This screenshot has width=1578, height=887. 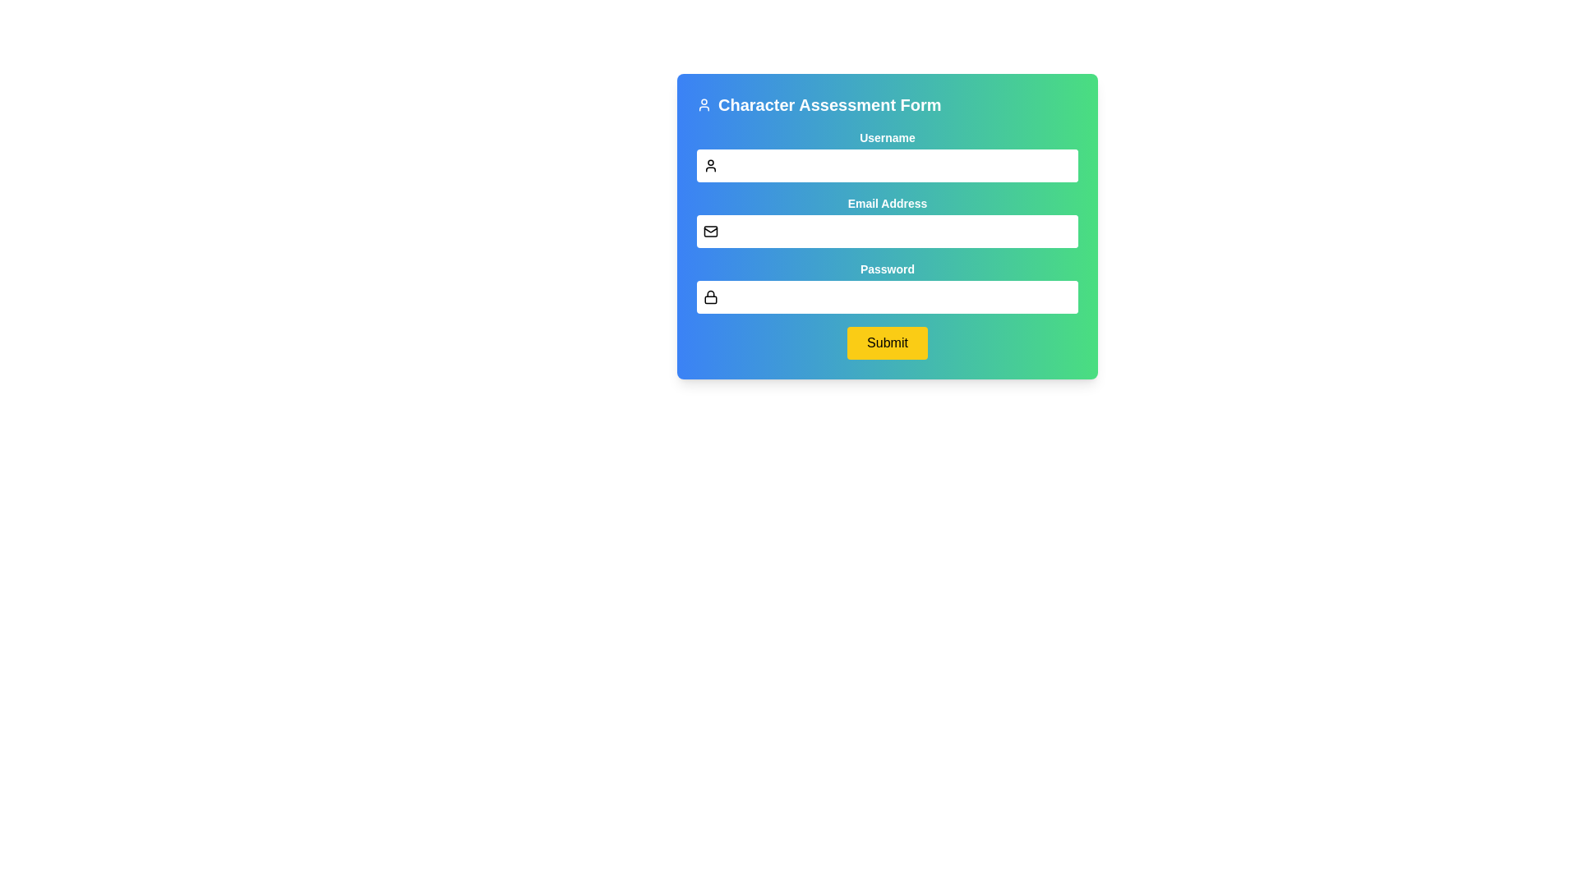 I want to click on the mail icon in the input field labeled 'Email Address' for additional context, so click(x=887, y=222).